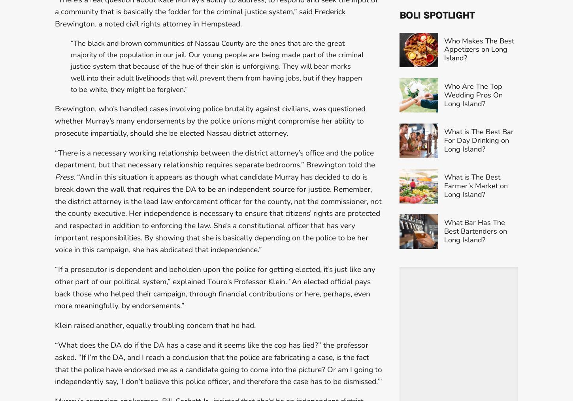 This screenshot has width=573, height=401. Describe the element at coordinates (55, 363) in the screenshot. I see `'“What does the DA do if the DA has a case and it seems like the cop has lied?” the professor asked. “If I’m the DA, and I reach a conclusion that the police are fabricating a case, is the fact that the police have endorsed me as a candidate going to come into the picture? Or am I going to independently say, ‘I don’t believe this police officer, and therefore the case has to be dismissed.’”'` at that location.